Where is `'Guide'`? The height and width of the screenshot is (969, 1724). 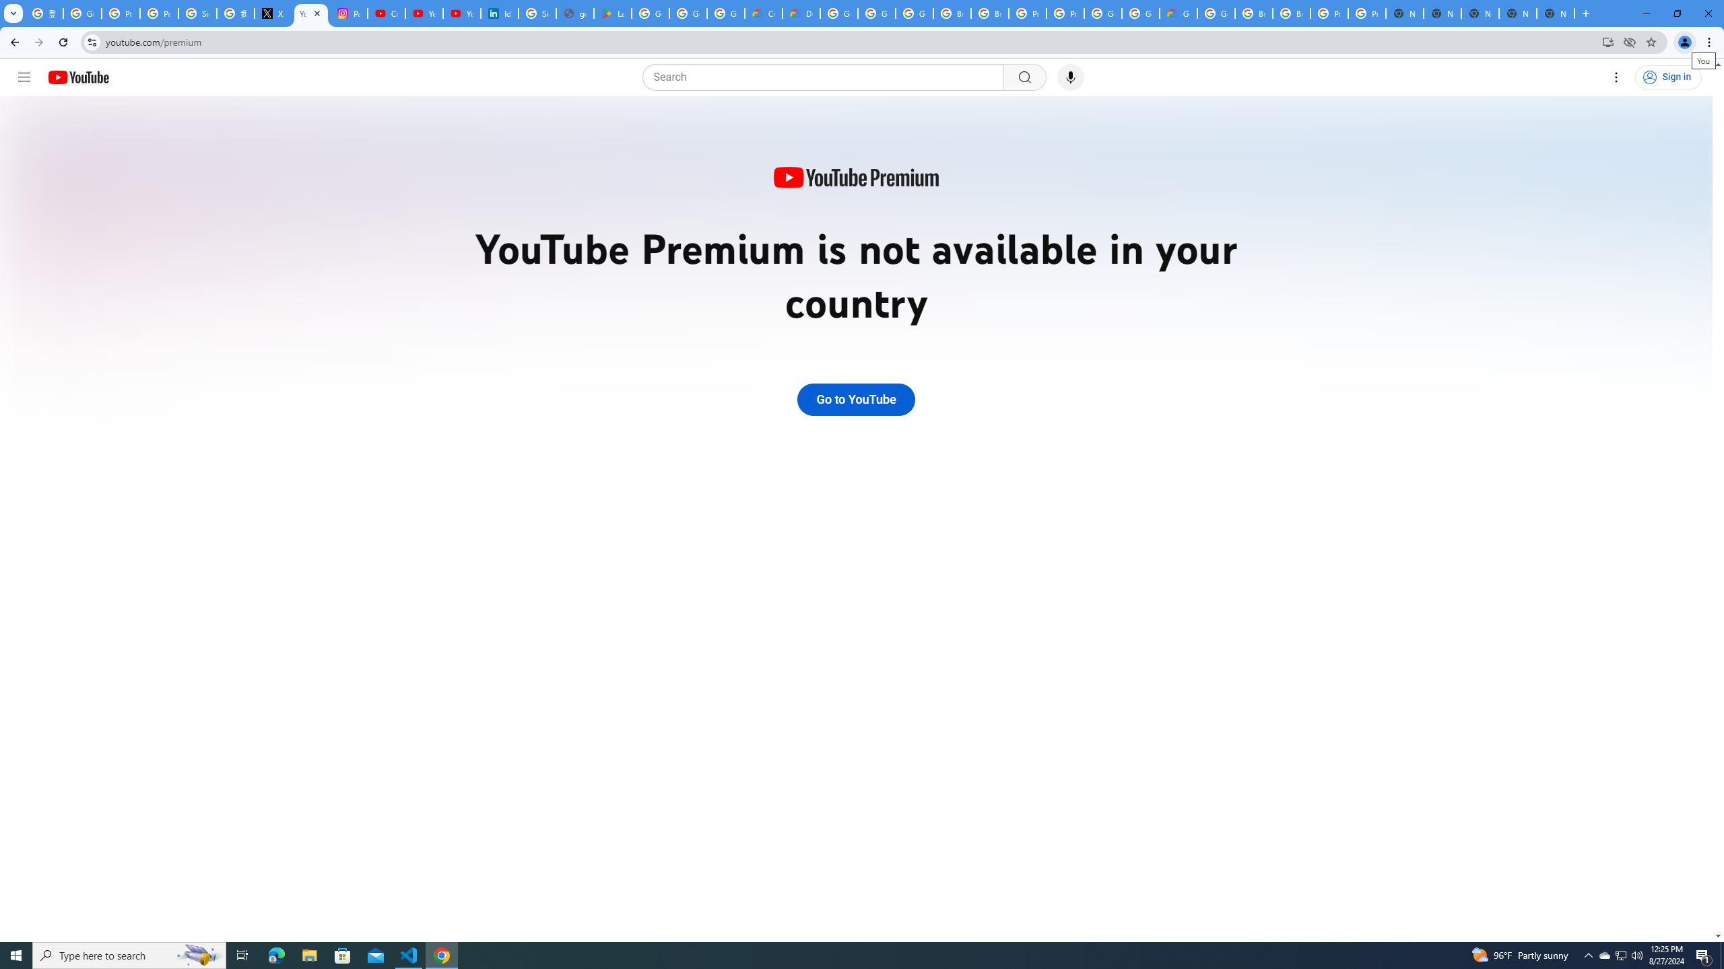
'Guide' is located at coordinates (23, 77).